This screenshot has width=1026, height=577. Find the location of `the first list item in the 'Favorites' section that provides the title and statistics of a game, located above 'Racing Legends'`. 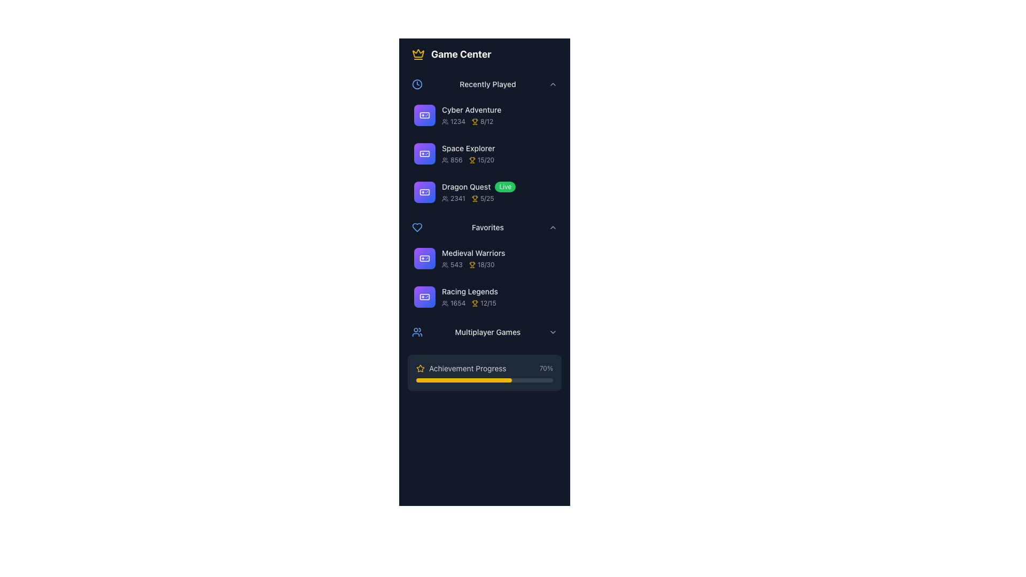

the first list item in the 'Favorites' section that provides the title and statistics of a game, located above 'Racing Legends' is located at coordinates (484, 258).